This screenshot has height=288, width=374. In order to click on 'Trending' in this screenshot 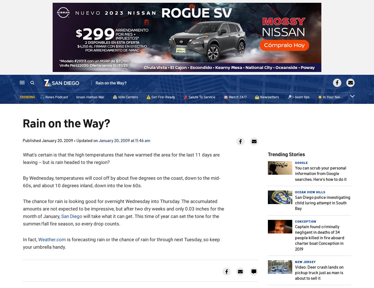, I will do `click(27, 98)`.